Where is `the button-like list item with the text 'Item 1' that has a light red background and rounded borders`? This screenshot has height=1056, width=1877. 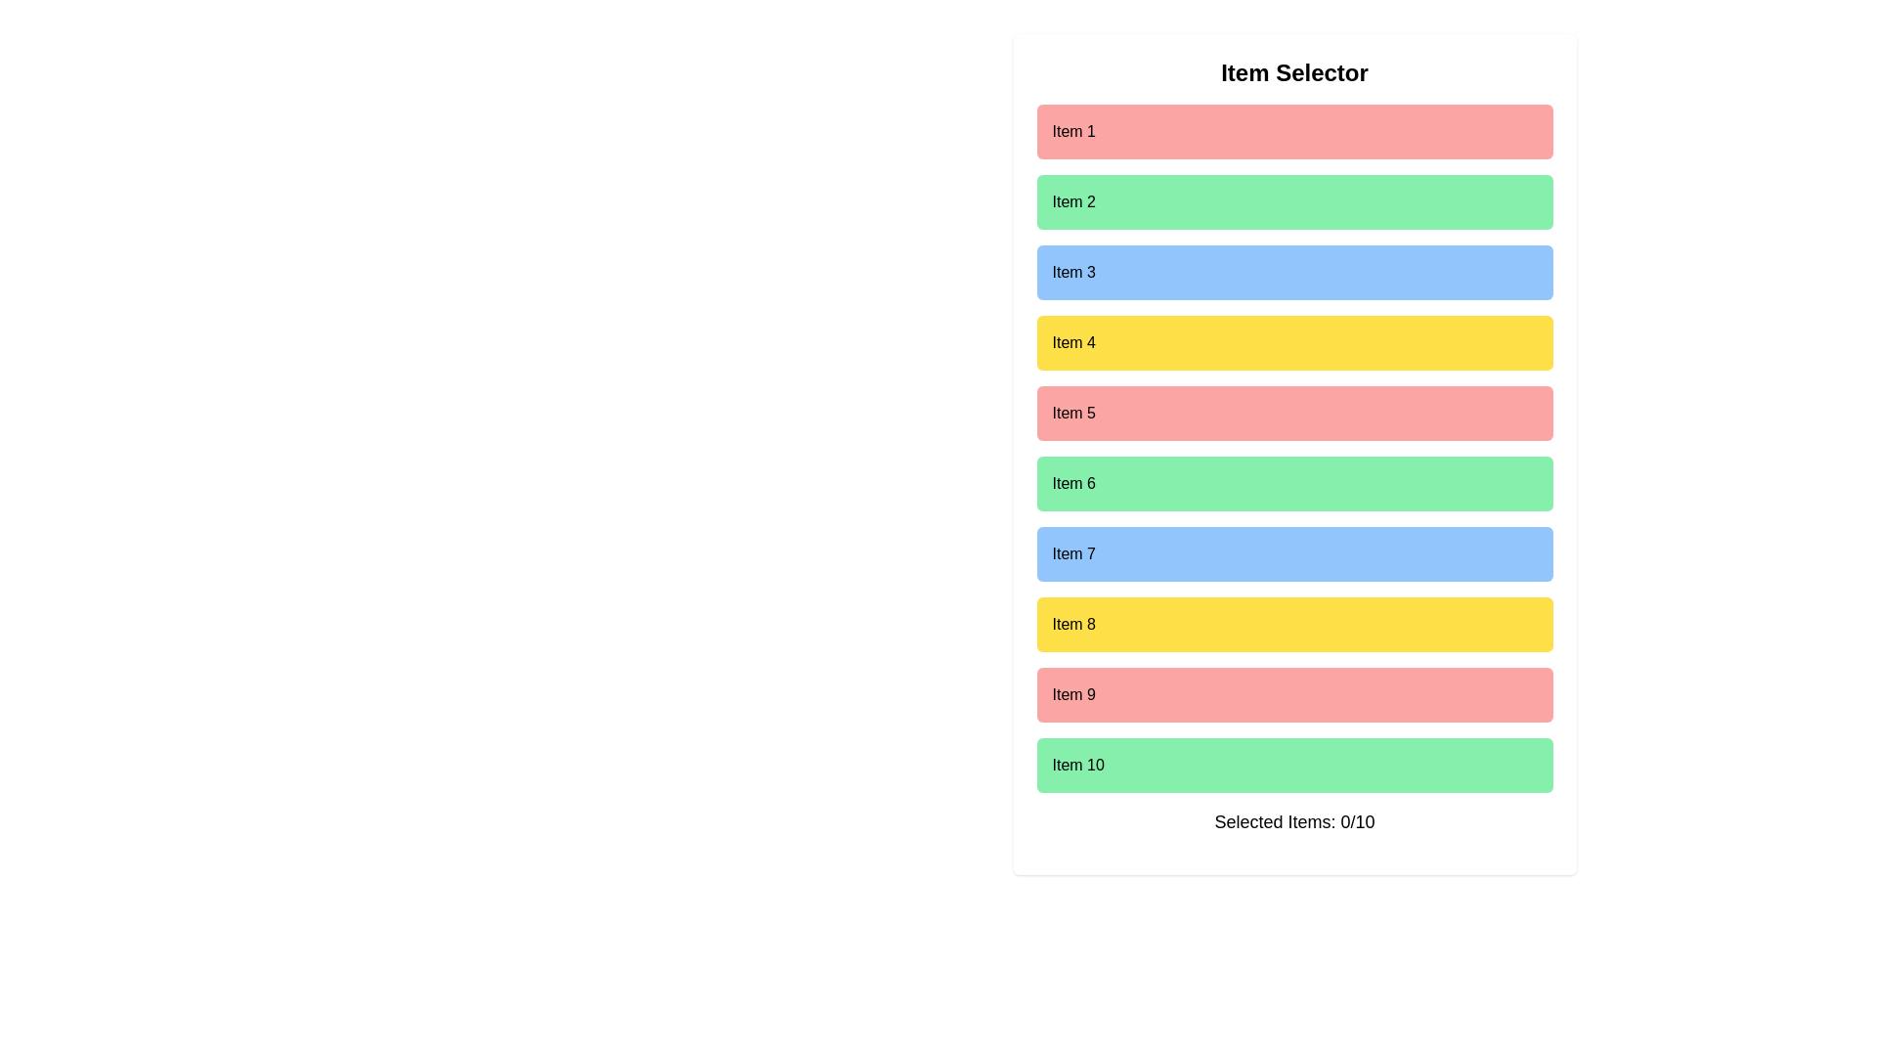 the button-like list item with the text 'Item 1' that has a light red background and rounded borders is located at coordinates (1294, 132).